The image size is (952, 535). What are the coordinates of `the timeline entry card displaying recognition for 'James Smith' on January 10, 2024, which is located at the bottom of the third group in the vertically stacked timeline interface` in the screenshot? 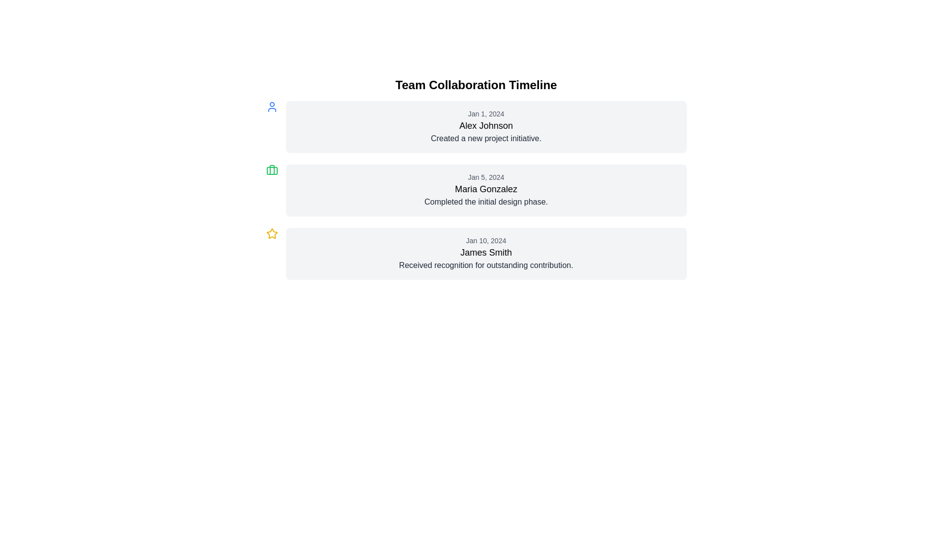 It's located at (476, 253).